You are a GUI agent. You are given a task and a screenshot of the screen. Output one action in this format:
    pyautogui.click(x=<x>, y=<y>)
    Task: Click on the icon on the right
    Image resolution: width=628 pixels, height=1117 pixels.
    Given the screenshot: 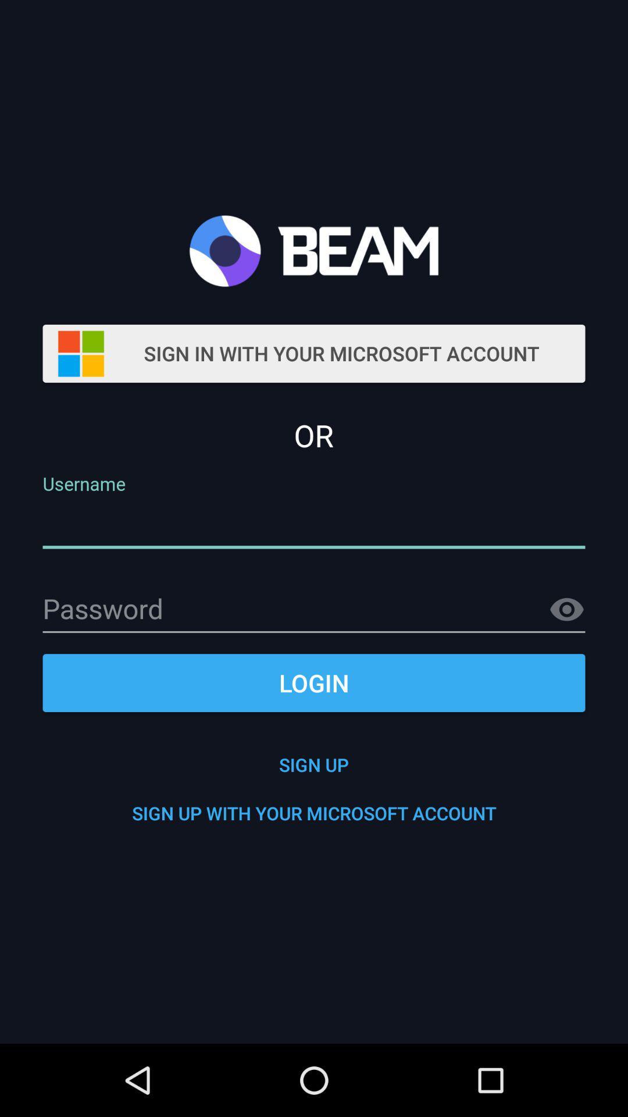 What is the action you would take?
    pyautogui.click(x=566, y=609)
    